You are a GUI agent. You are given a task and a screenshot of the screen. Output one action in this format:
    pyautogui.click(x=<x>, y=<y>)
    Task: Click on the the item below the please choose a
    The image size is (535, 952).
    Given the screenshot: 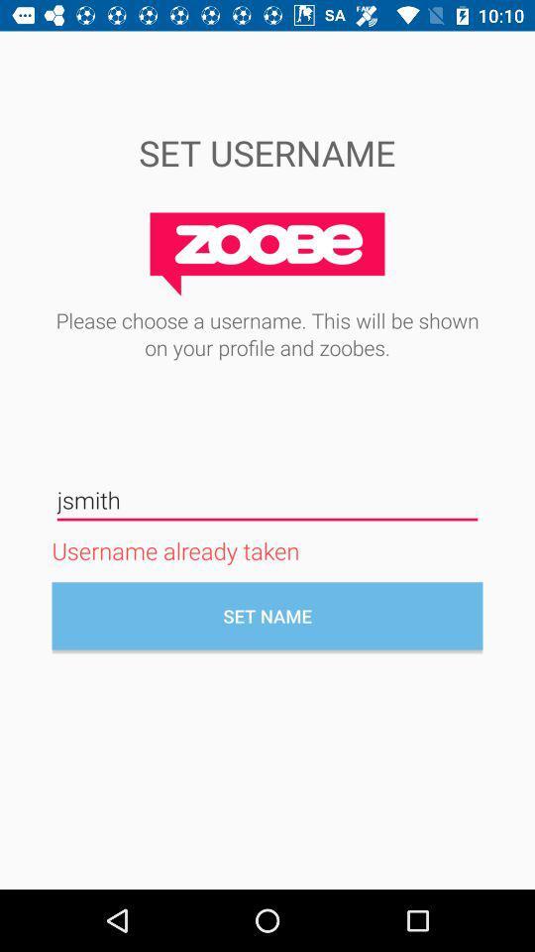 What is the action you would take?
    pyautogui.click(x=267, y=499)
    